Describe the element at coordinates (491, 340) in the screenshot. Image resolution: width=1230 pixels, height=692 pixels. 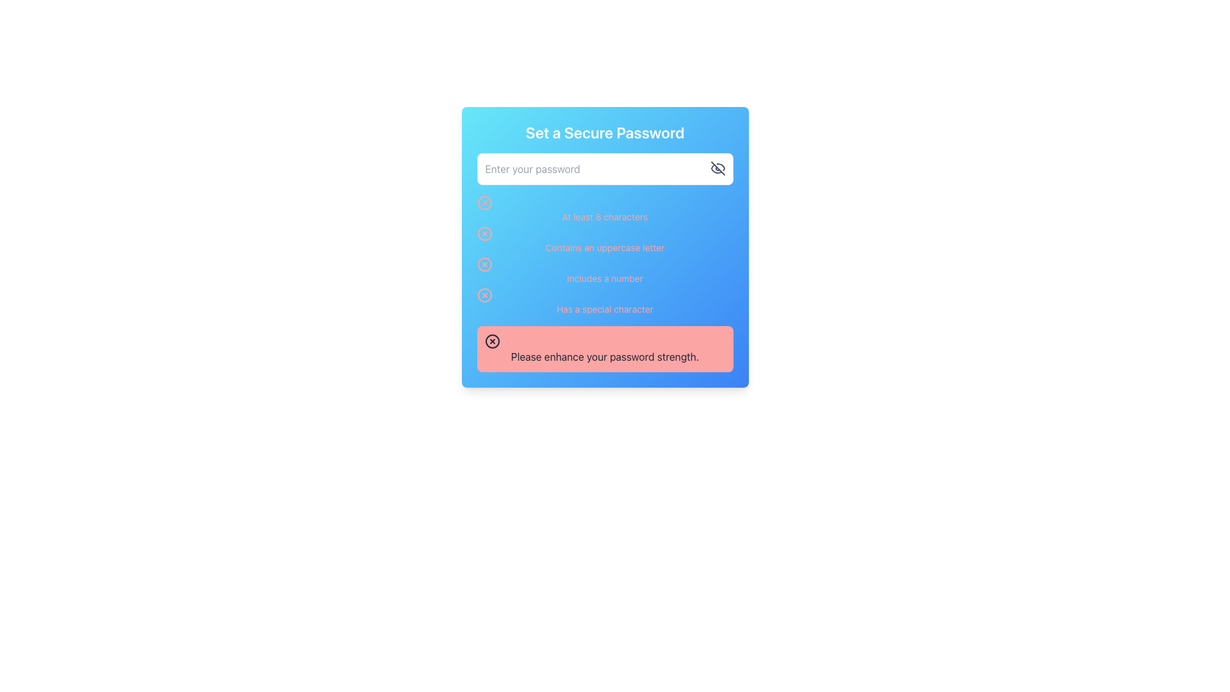
I see `the decorative circular visual indicator associated with the error message located in the lower error message box, near its left side` at that location.